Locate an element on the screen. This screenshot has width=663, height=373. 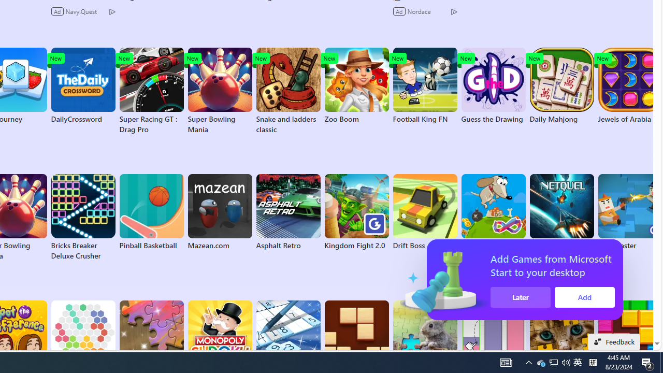
'Snake and ladders classic' is located at coordinates (288, 91).